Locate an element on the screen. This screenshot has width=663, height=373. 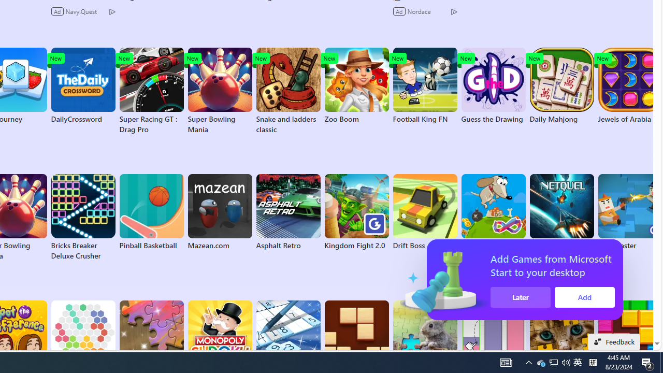
'Snake and ladders classic' is located at coordinates (288, 91).